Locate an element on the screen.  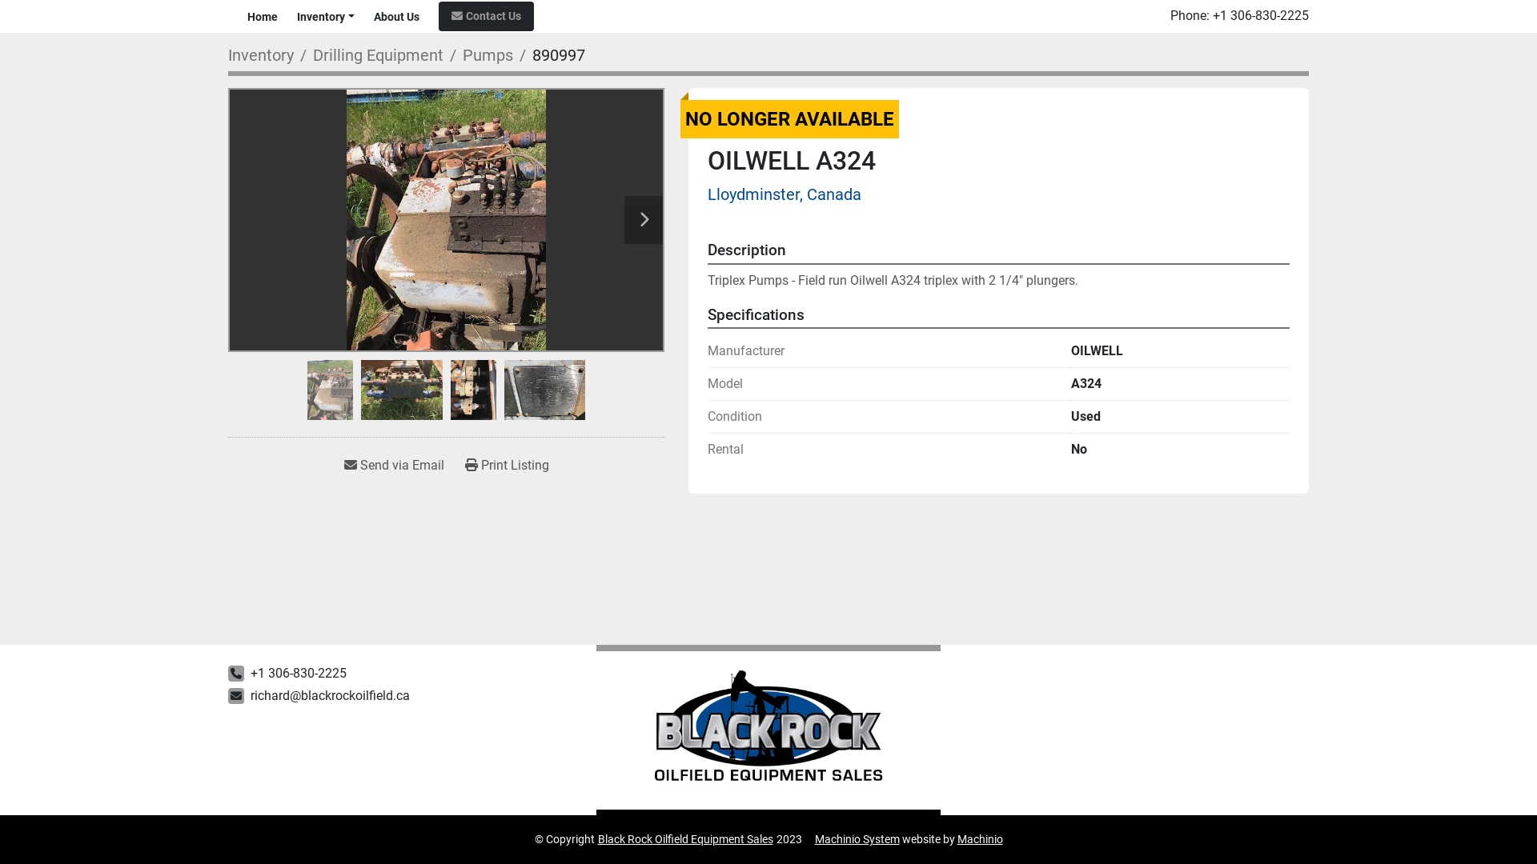
'Inventory' is located at coordinates (320, 16).